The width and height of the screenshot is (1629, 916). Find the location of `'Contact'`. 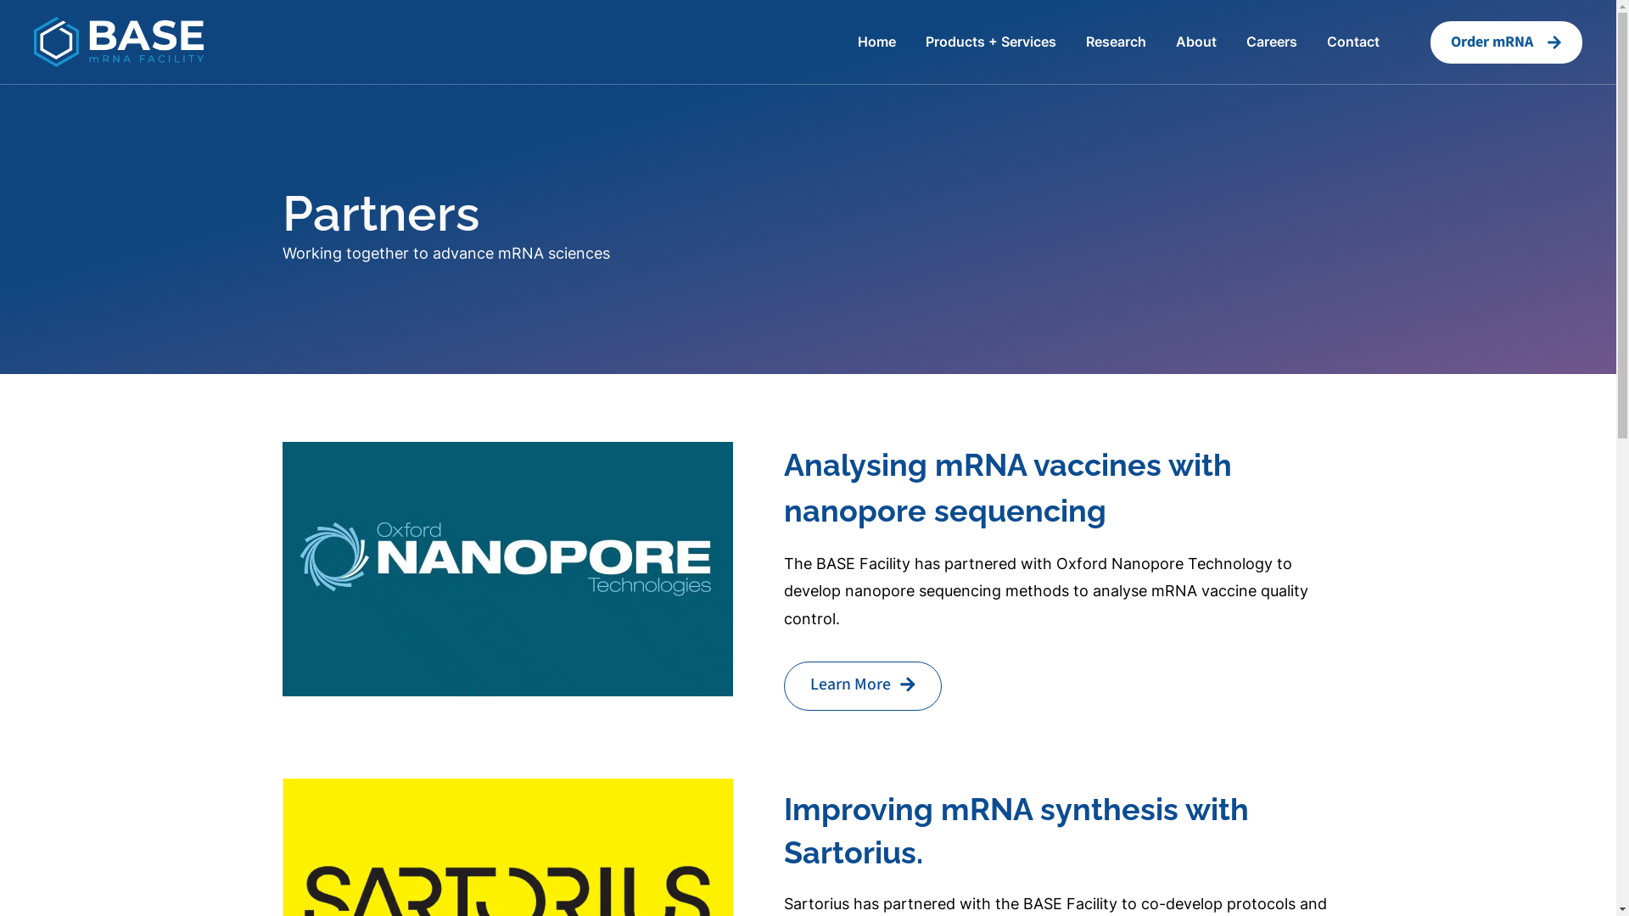

'Contact' is located at coordinates (1352, 41).